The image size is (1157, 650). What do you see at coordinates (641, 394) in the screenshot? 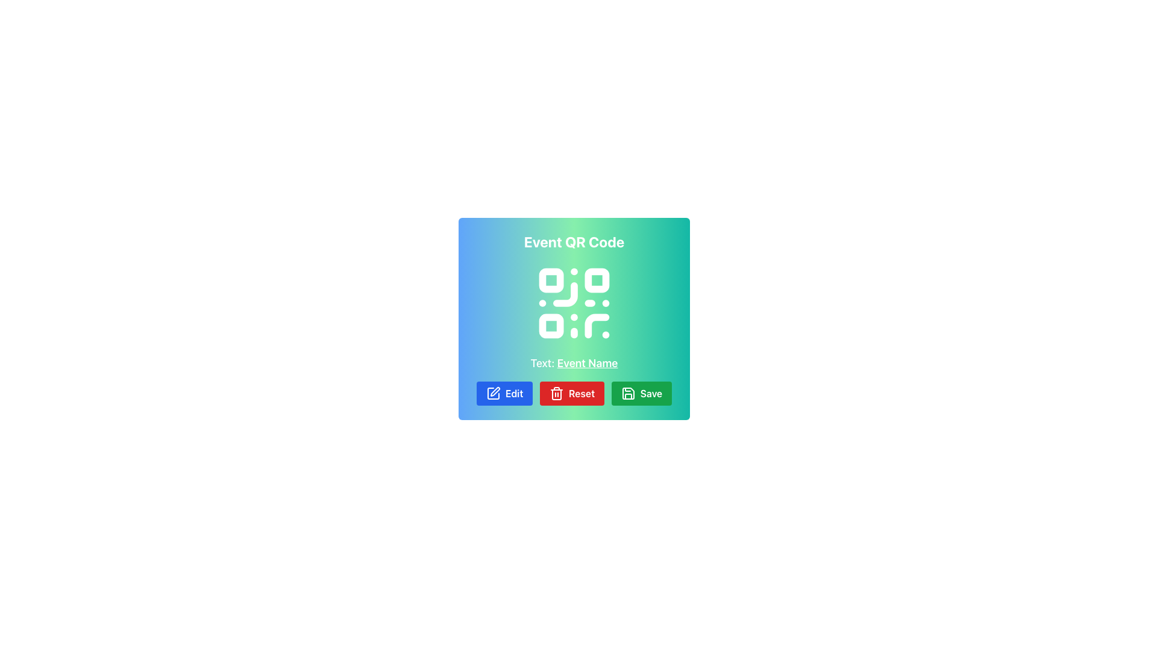
I see `the 'Save' button, which is a rectangular button with rounded edges, a green background, and white text, located at the far right of a group of three buttons under the main content area` at bounding box center [641, 394].